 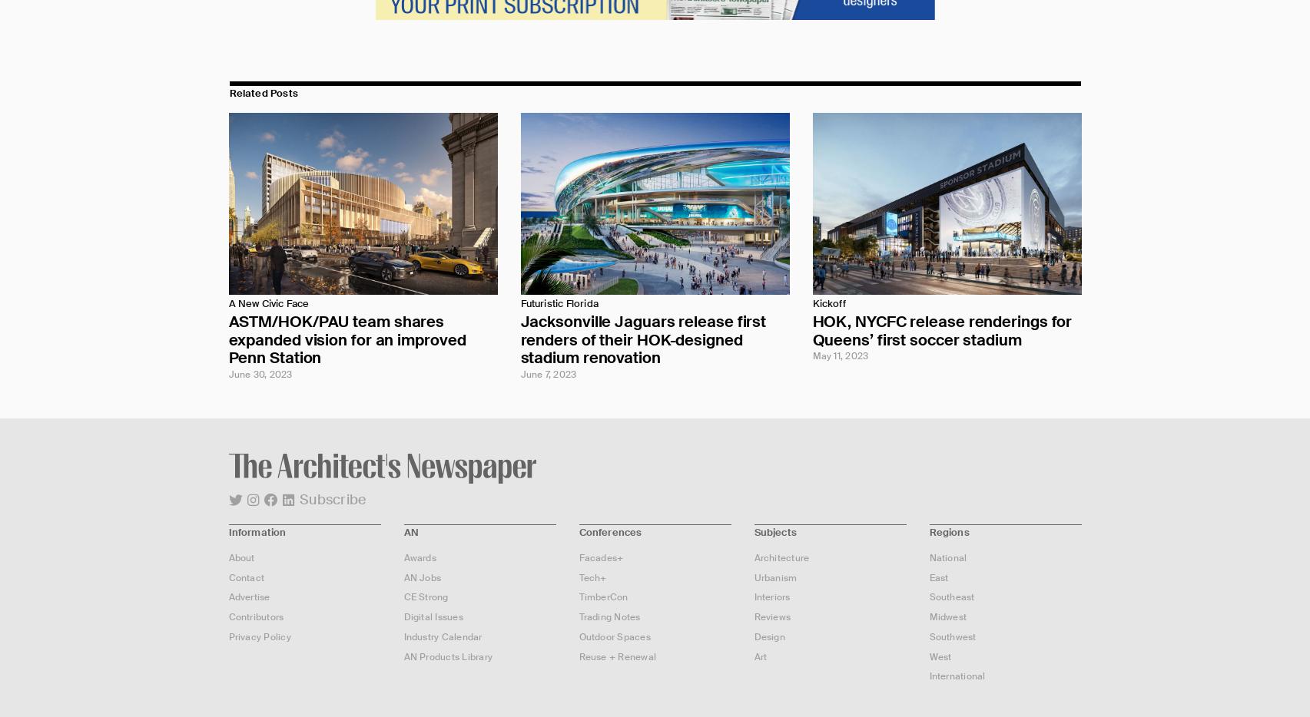 What do you see at coordinates (929, 655) in the screenshot?
I see `'West'` at bounding box center [929, 655].